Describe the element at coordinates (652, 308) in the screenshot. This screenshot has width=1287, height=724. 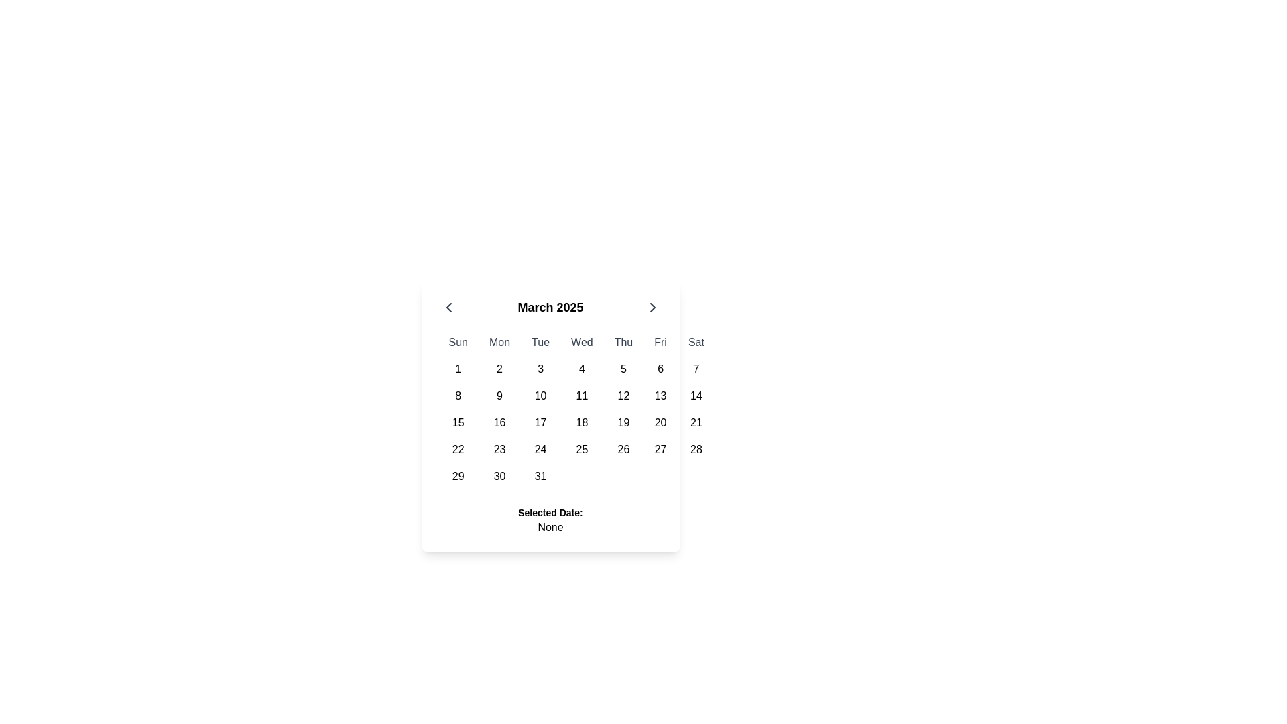
I see `the button with an embedded right-pointing arrow located at the top-right corner of the calendar widget to observe any hover effects` at that location.